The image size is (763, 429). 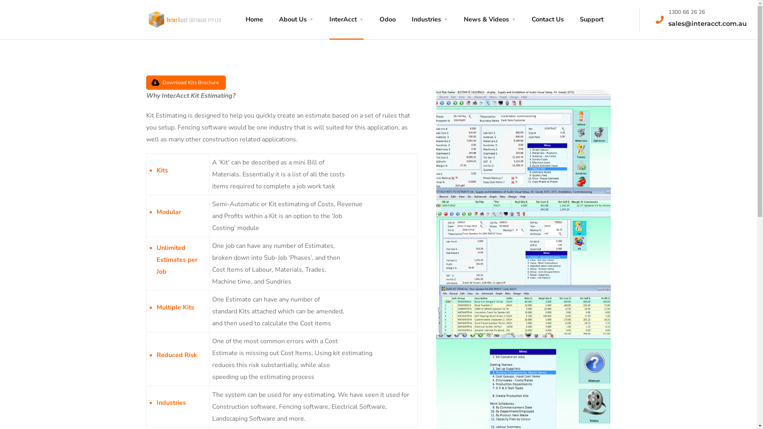 I want to click on 'sales@interacct.com.au', so click(x=707, y=23).